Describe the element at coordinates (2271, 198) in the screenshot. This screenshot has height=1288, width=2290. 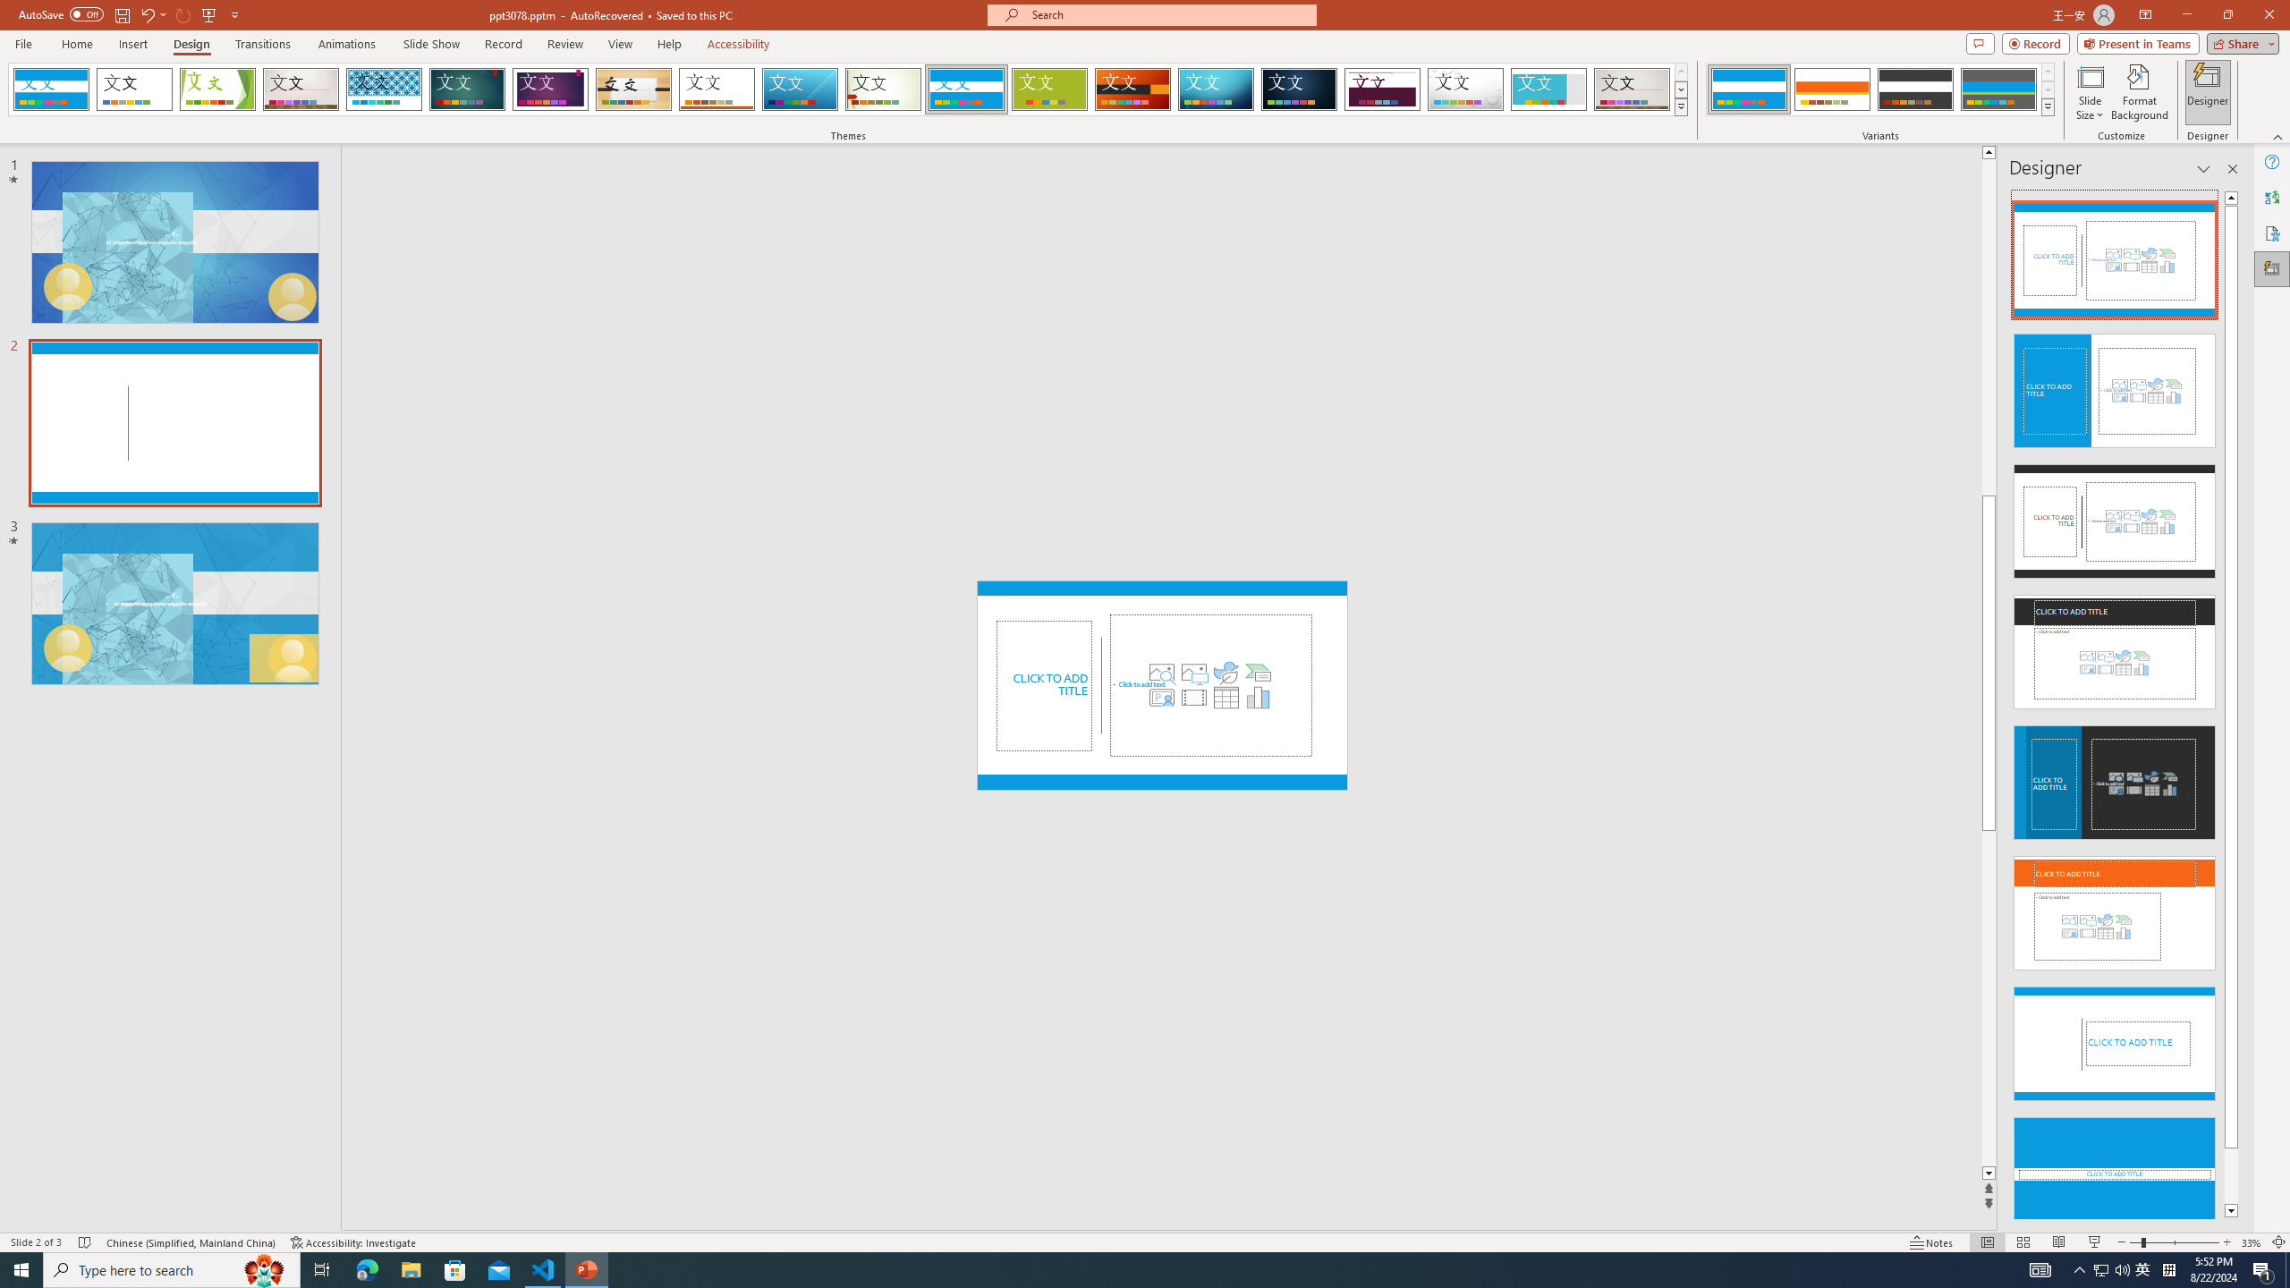
I see `'Translator'` at that location.